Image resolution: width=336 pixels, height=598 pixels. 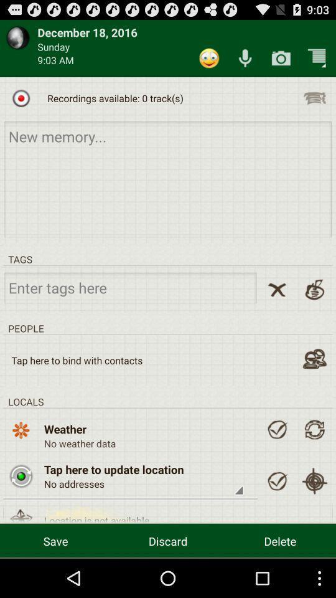 What do you see at coordinates (21, 512) in the screenshot?
I see `open location` at bounding box center [21, 512].